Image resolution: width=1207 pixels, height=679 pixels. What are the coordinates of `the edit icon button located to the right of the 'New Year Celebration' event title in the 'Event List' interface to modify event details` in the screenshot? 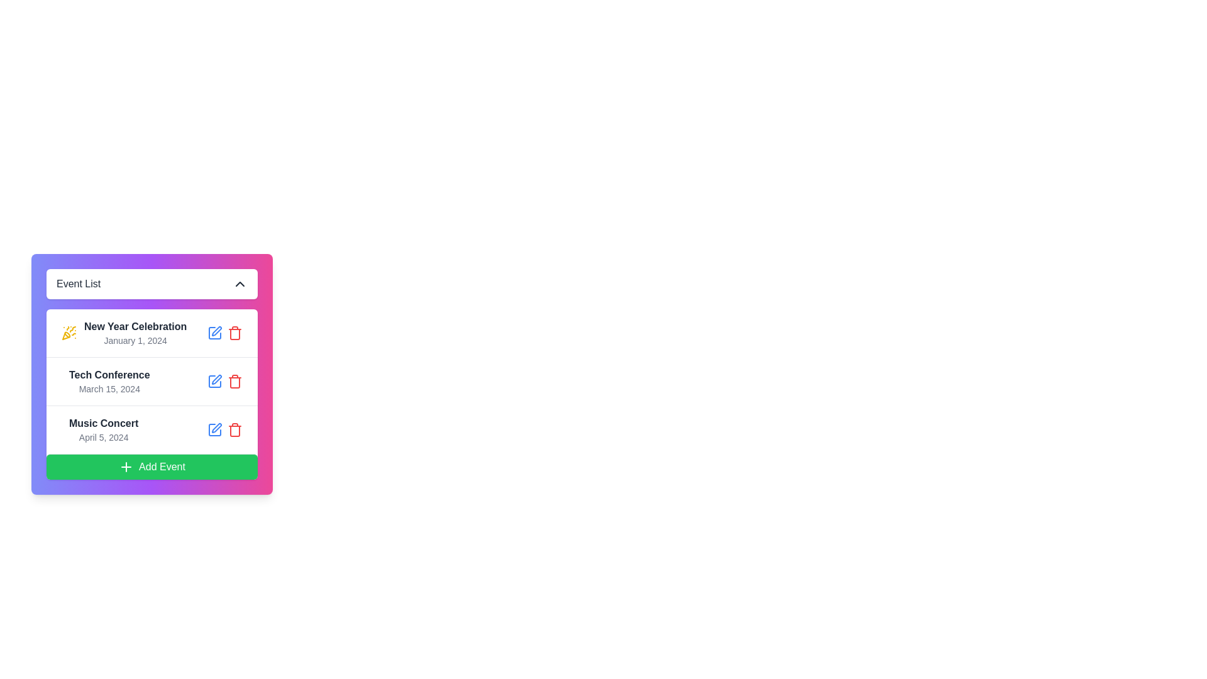 It's located at (214, 332).